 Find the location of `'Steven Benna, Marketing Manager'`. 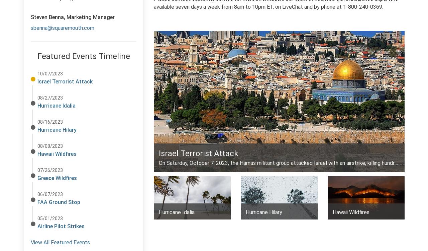

'Steven Benna, Marketing Manager' is located at coordinates (73, 17).